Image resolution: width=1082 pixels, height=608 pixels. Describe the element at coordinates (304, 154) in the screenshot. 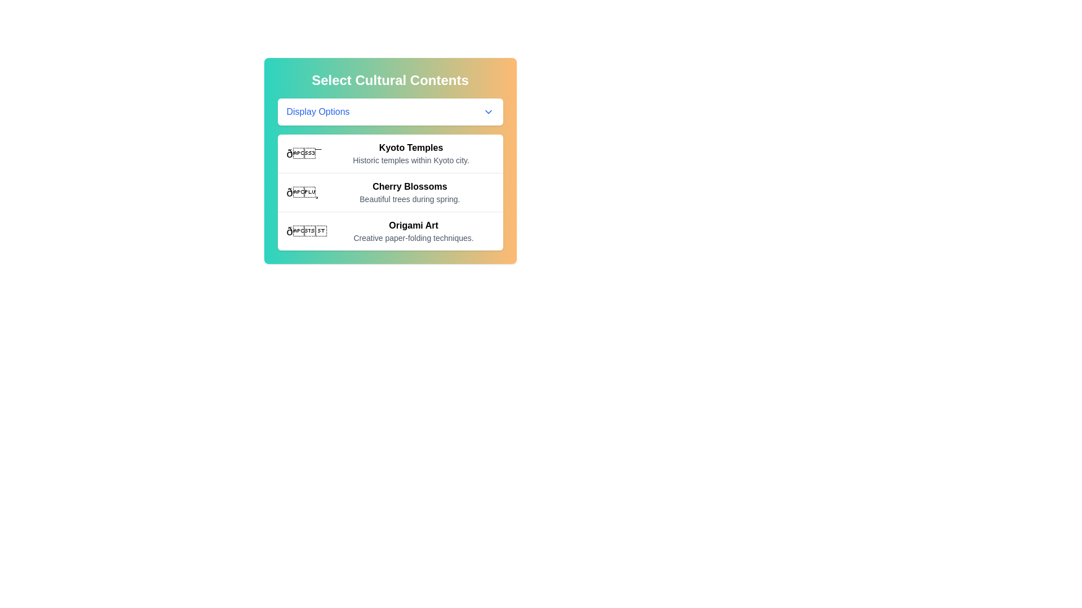

I see `the icon representing the 'Kyoto Temples' section, which is located to the left of the text 'Kyoto Temples' and 'Historic temples within Kyoto city.'` at that location.